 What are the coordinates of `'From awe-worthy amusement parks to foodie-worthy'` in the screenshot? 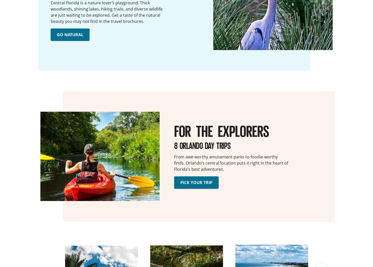 It's located at (226, 156).